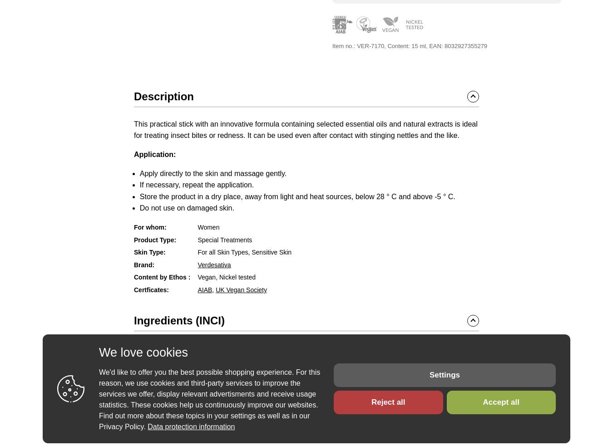  Describe the element at coordinates (138, 207) in the screenshot. I see `'Do not use on damaged skin.'` at that location.